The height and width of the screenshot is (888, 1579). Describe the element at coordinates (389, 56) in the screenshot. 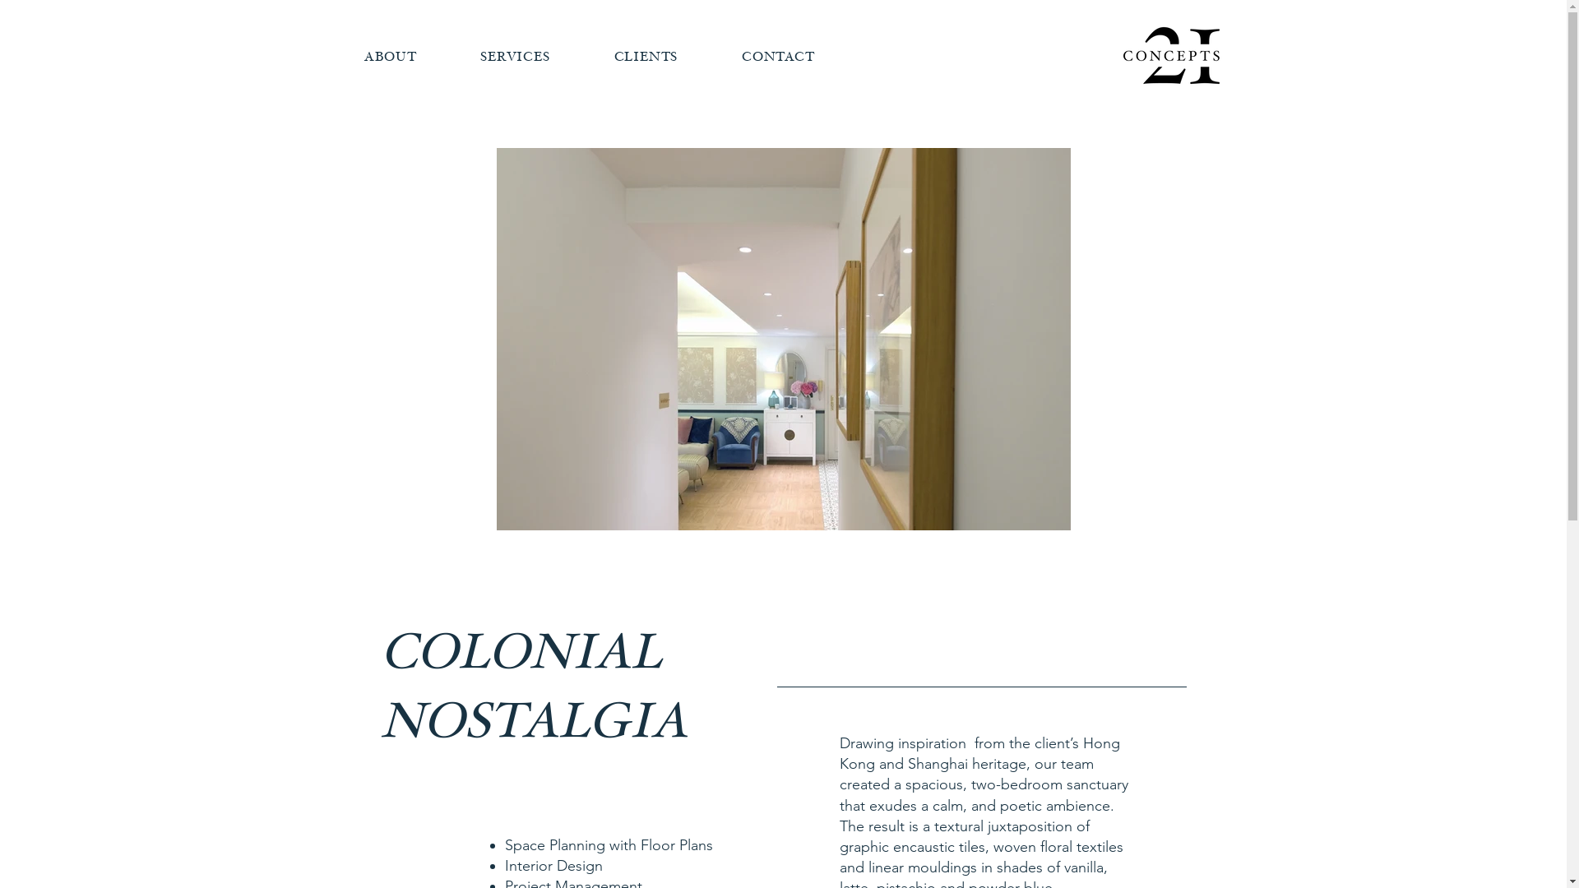

I see `'ABOUT'` at that location.